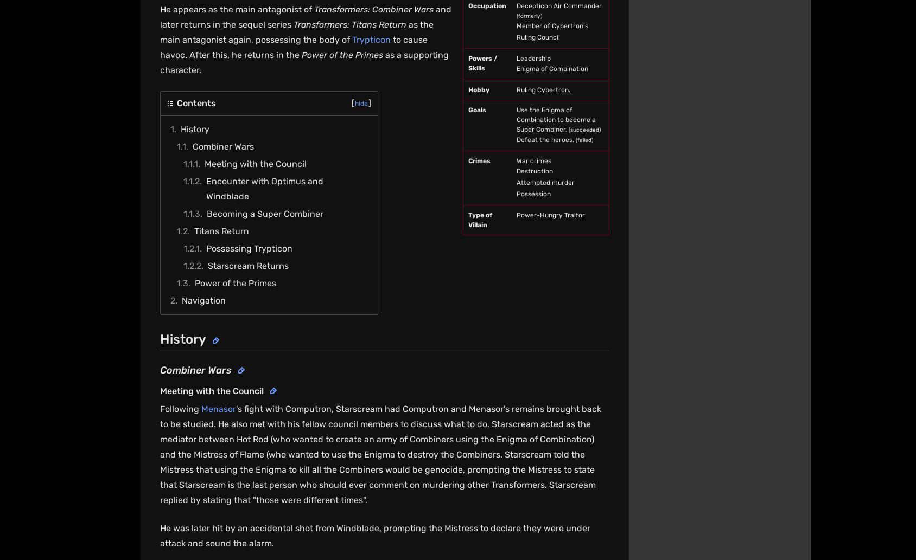 Image resolution: width=916 pixels, height=560 pixels. I want to click on 'Media Kit', so click(496, 419).